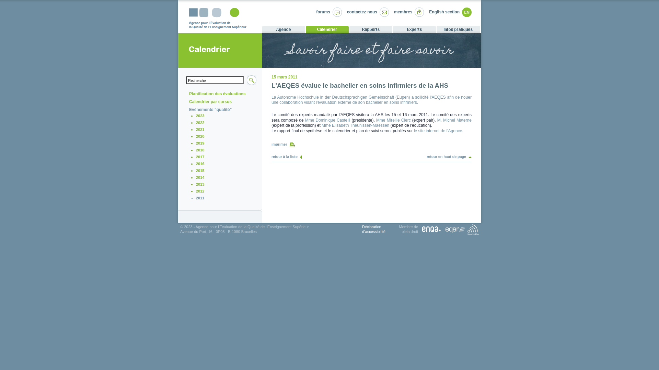 The width and height of the screenshot is (659, 370). Describe the element at coordinates (449, 156) in the screenshot. I see `'retour en haut de page'` at that location.